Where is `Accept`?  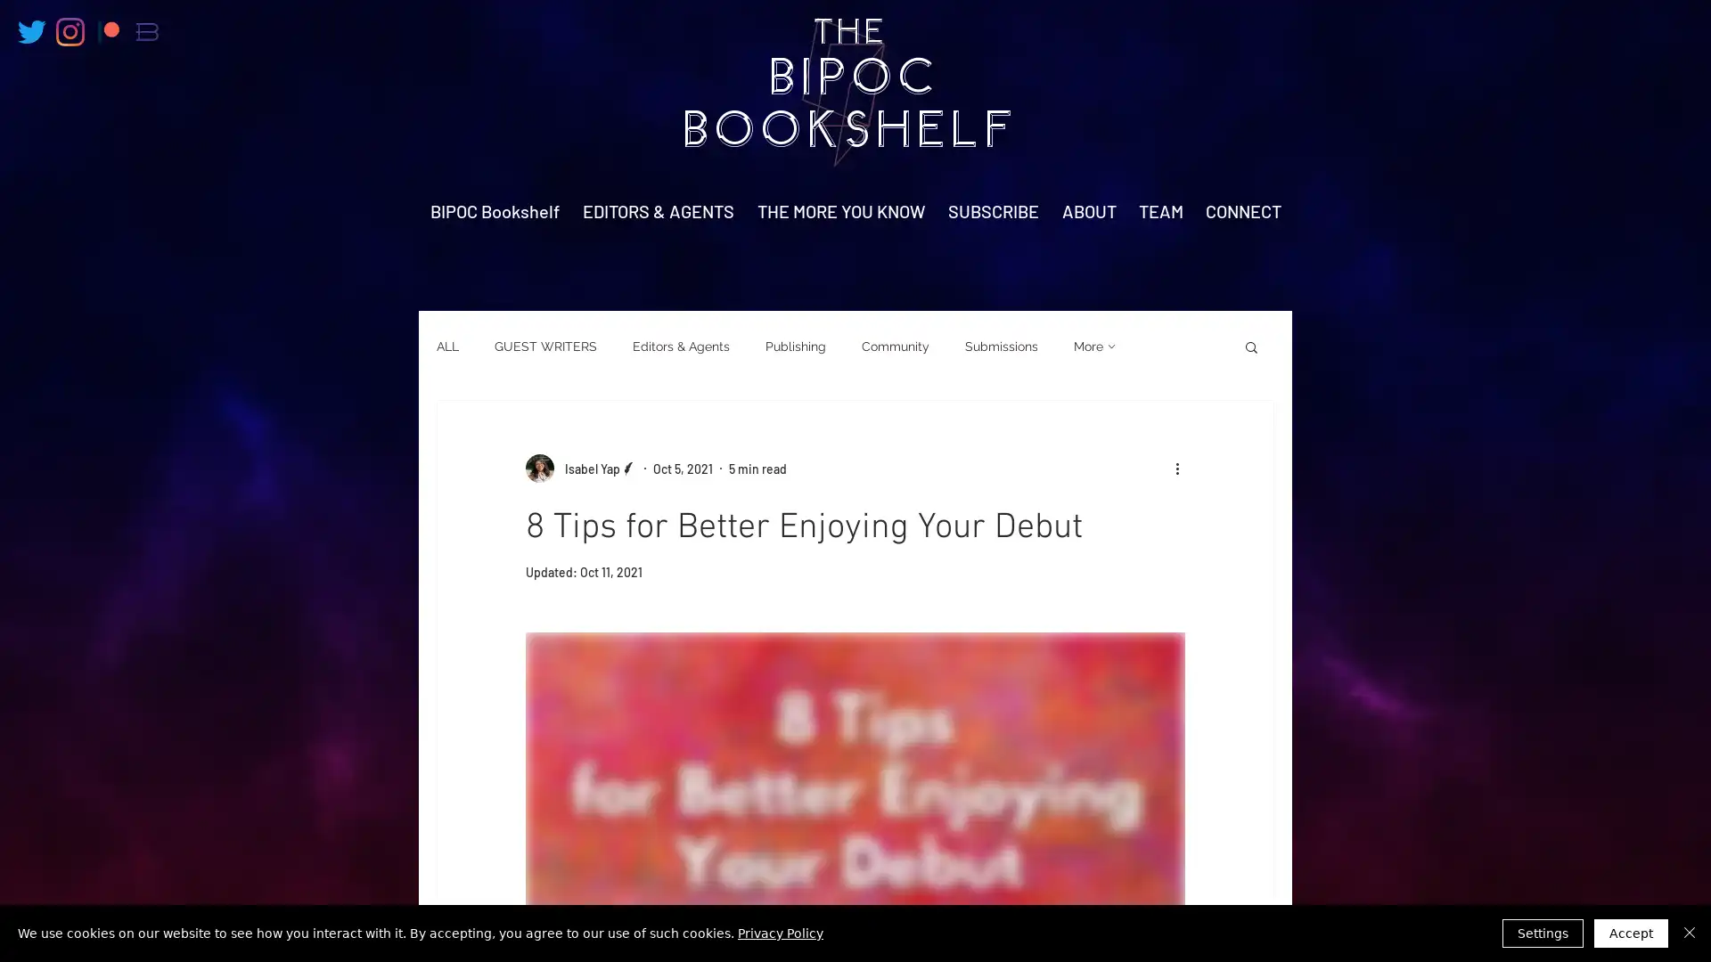 Accept is located at coordinates (1631, 933).